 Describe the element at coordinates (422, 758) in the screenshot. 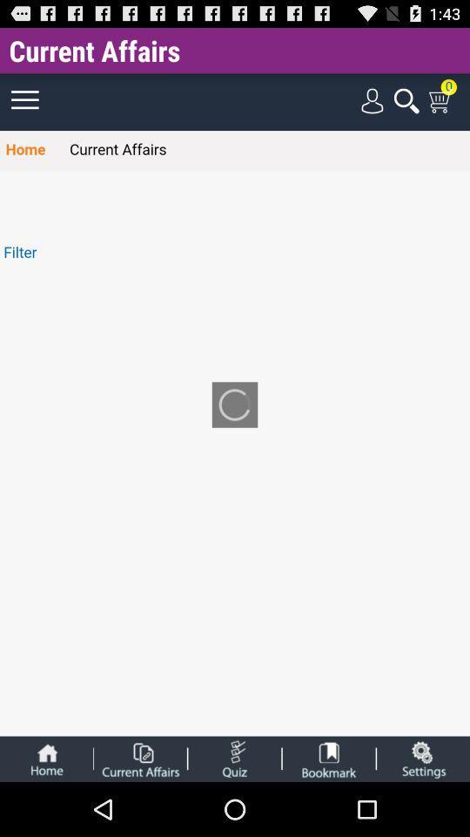

I see `settings` at that location.